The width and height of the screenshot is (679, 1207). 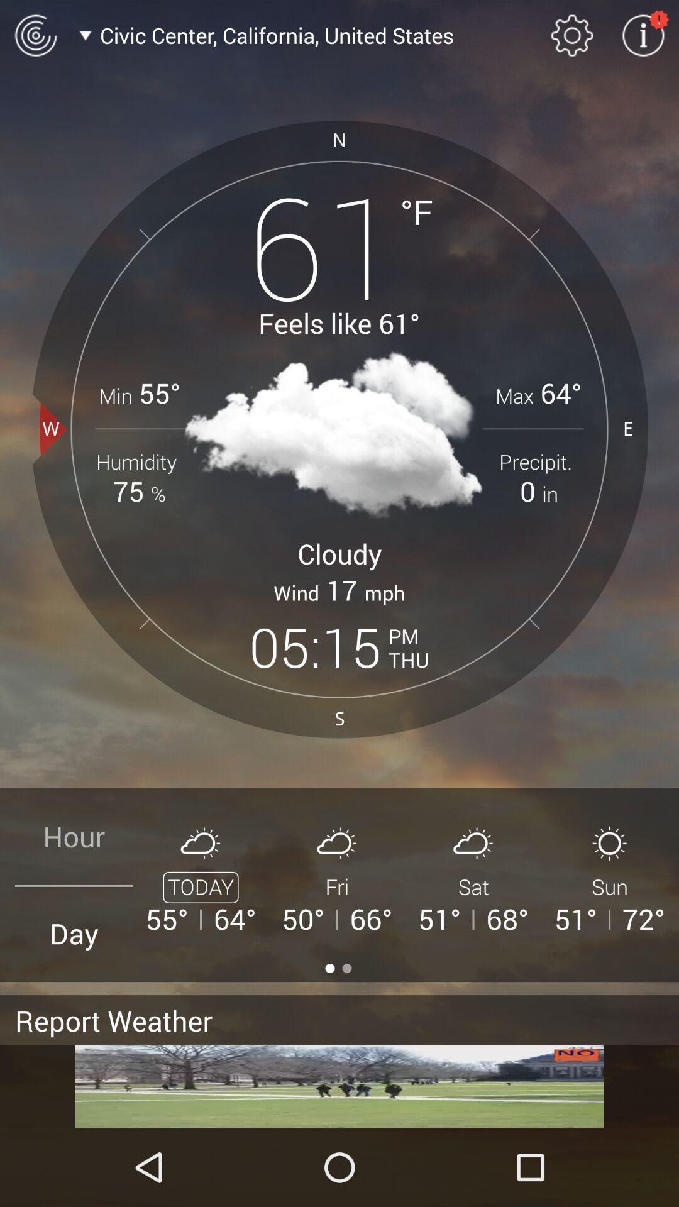 I want to click on screen page, so click(x=339, y=1086).